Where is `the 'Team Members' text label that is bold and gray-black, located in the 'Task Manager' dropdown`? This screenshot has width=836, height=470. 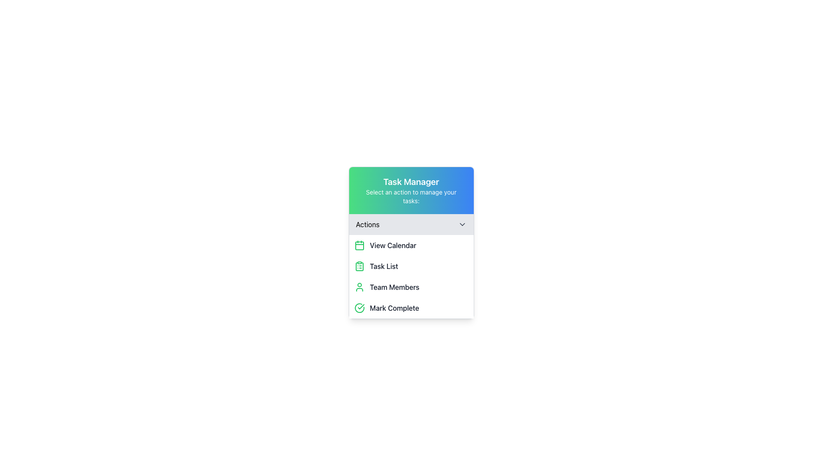
the 'Team Members' text label that is bold and gray-black, located in the 'Task Manager' dropdown is located at coordinates (394, 287).